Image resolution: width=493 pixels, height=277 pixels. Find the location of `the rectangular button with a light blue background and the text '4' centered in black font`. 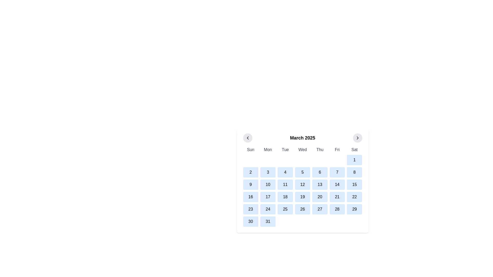

the rectangular button with a light blue background and the text '4' centered in black font is located at coordinates (285, 172).